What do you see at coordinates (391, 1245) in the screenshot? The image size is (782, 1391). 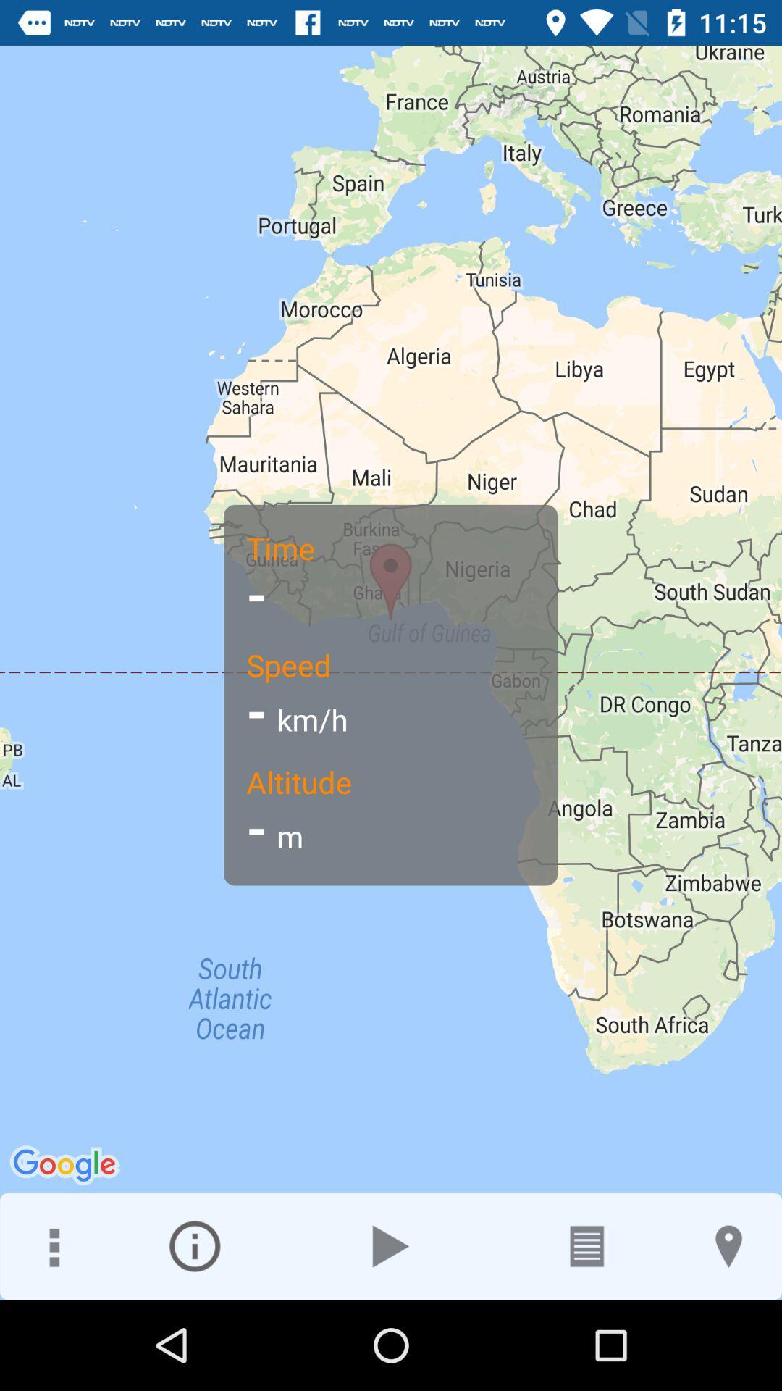 I see `the play icon` at bounding box center [391, 1245].